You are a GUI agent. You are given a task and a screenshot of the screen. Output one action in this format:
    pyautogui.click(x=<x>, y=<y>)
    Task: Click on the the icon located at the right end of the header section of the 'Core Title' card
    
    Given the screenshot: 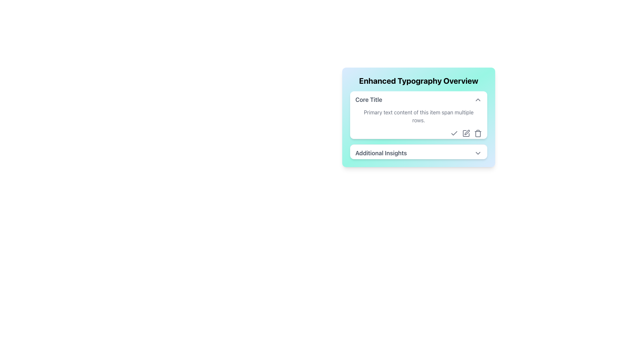 What is the action you would take?
    pyautogui.click(x=478, y=100)
    